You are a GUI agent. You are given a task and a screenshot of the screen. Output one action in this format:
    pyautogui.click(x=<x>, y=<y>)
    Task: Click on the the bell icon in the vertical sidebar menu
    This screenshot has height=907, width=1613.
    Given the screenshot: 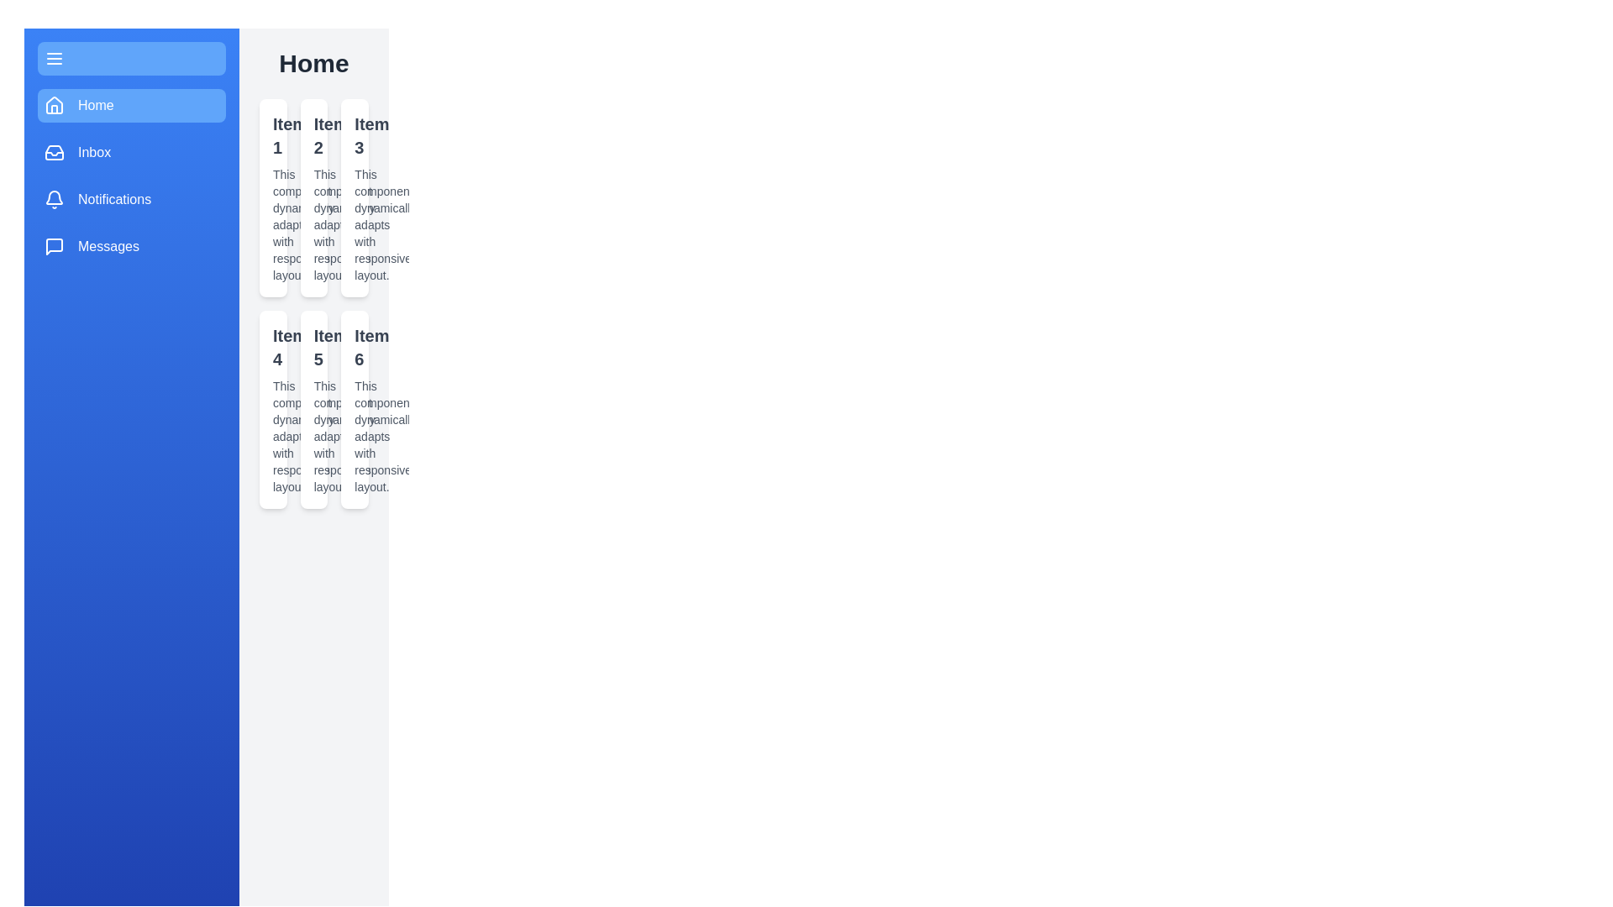 What is the action you would take?
    pyautogui.click(x=55, y=199)
    